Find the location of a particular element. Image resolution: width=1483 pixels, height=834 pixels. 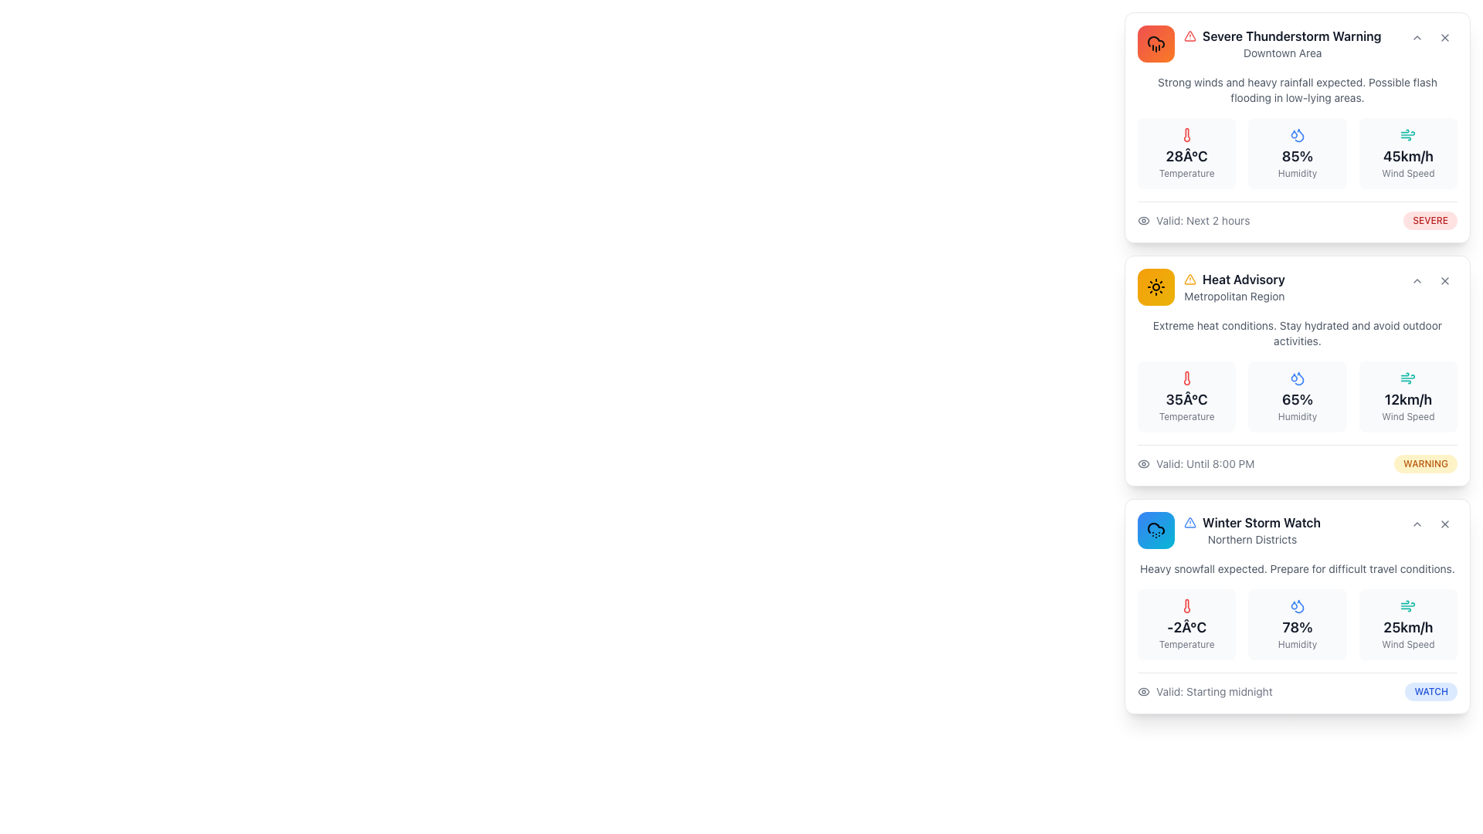

the circular button with an upward-pointing chevron at the top-right corner of the 'Winter Storm Watch - Northern Districts' card is located at coordinates (1417, 523).